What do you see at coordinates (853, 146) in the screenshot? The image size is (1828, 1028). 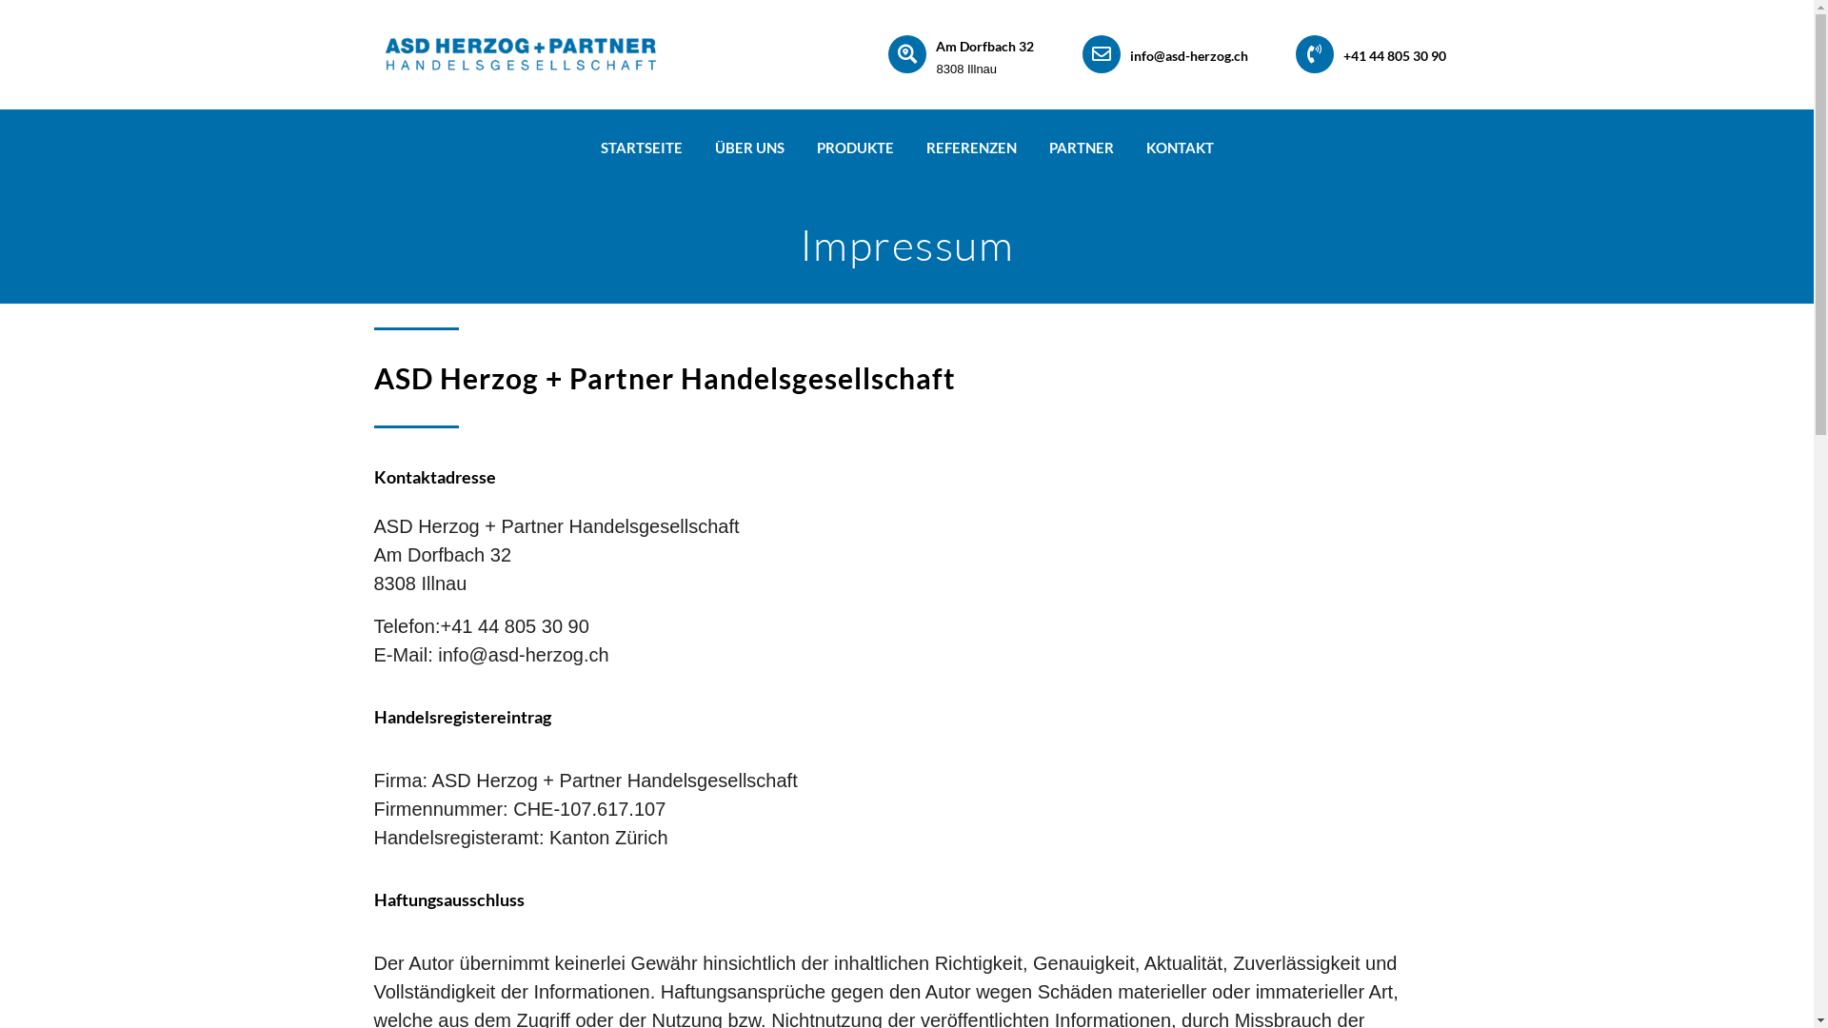 I see `'PRODUKTE'` at bounding box center [853, 146].